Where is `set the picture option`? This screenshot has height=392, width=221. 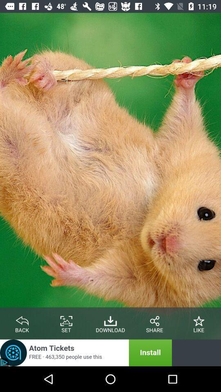 set the picture option is located at coordinates (66, 319).